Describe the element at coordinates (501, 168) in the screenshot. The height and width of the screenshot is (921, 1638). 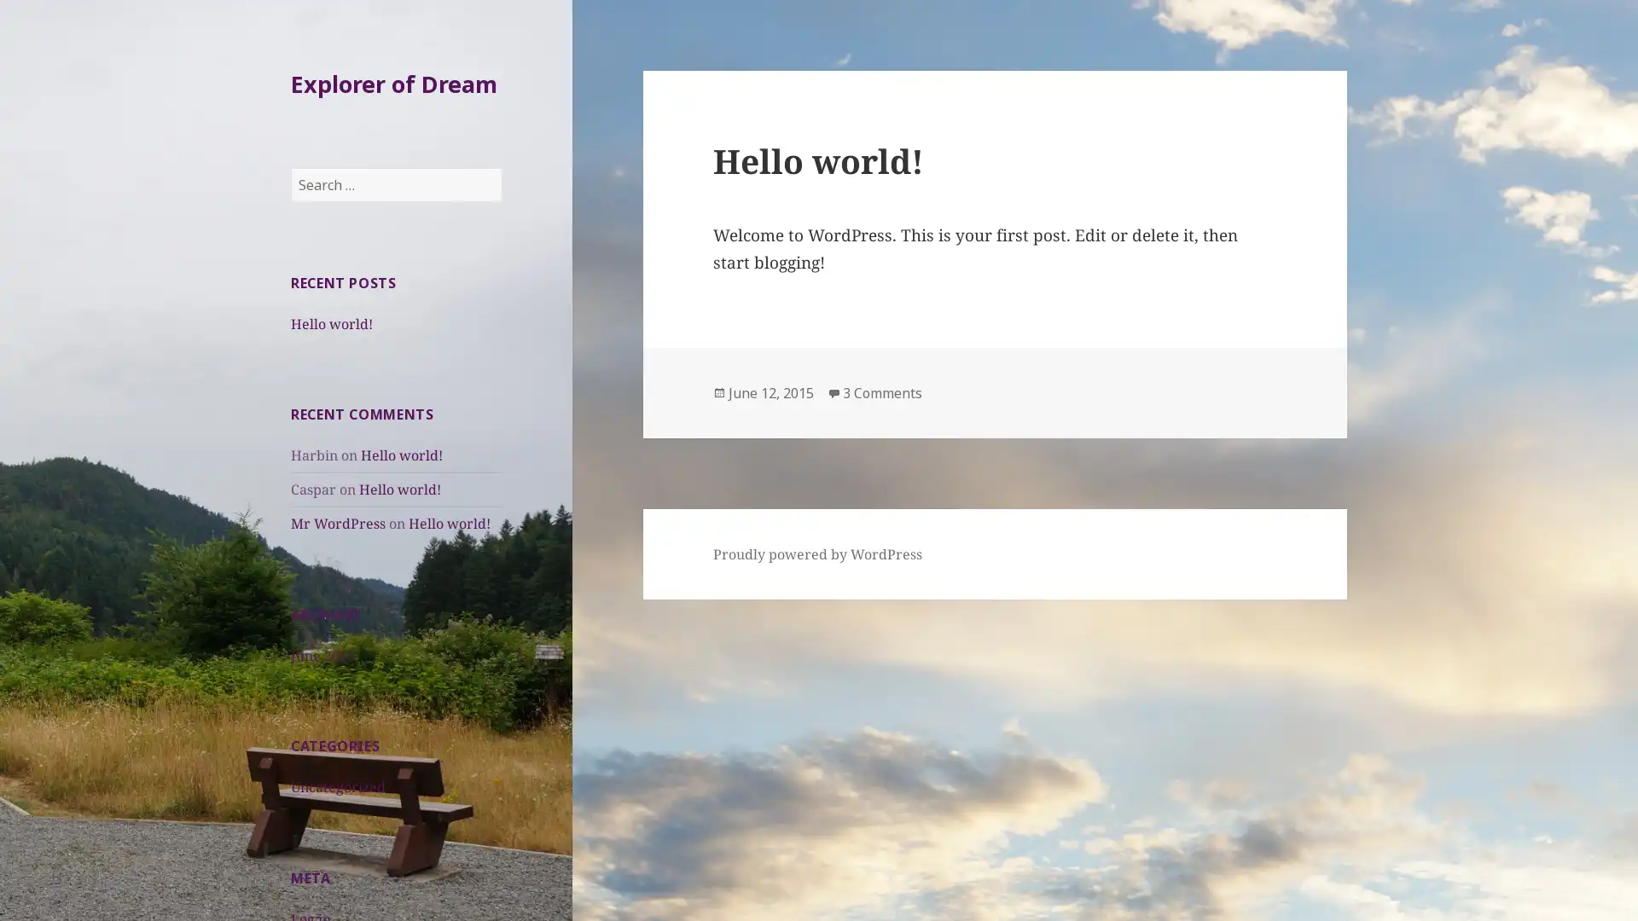
I see `Search` at that location.